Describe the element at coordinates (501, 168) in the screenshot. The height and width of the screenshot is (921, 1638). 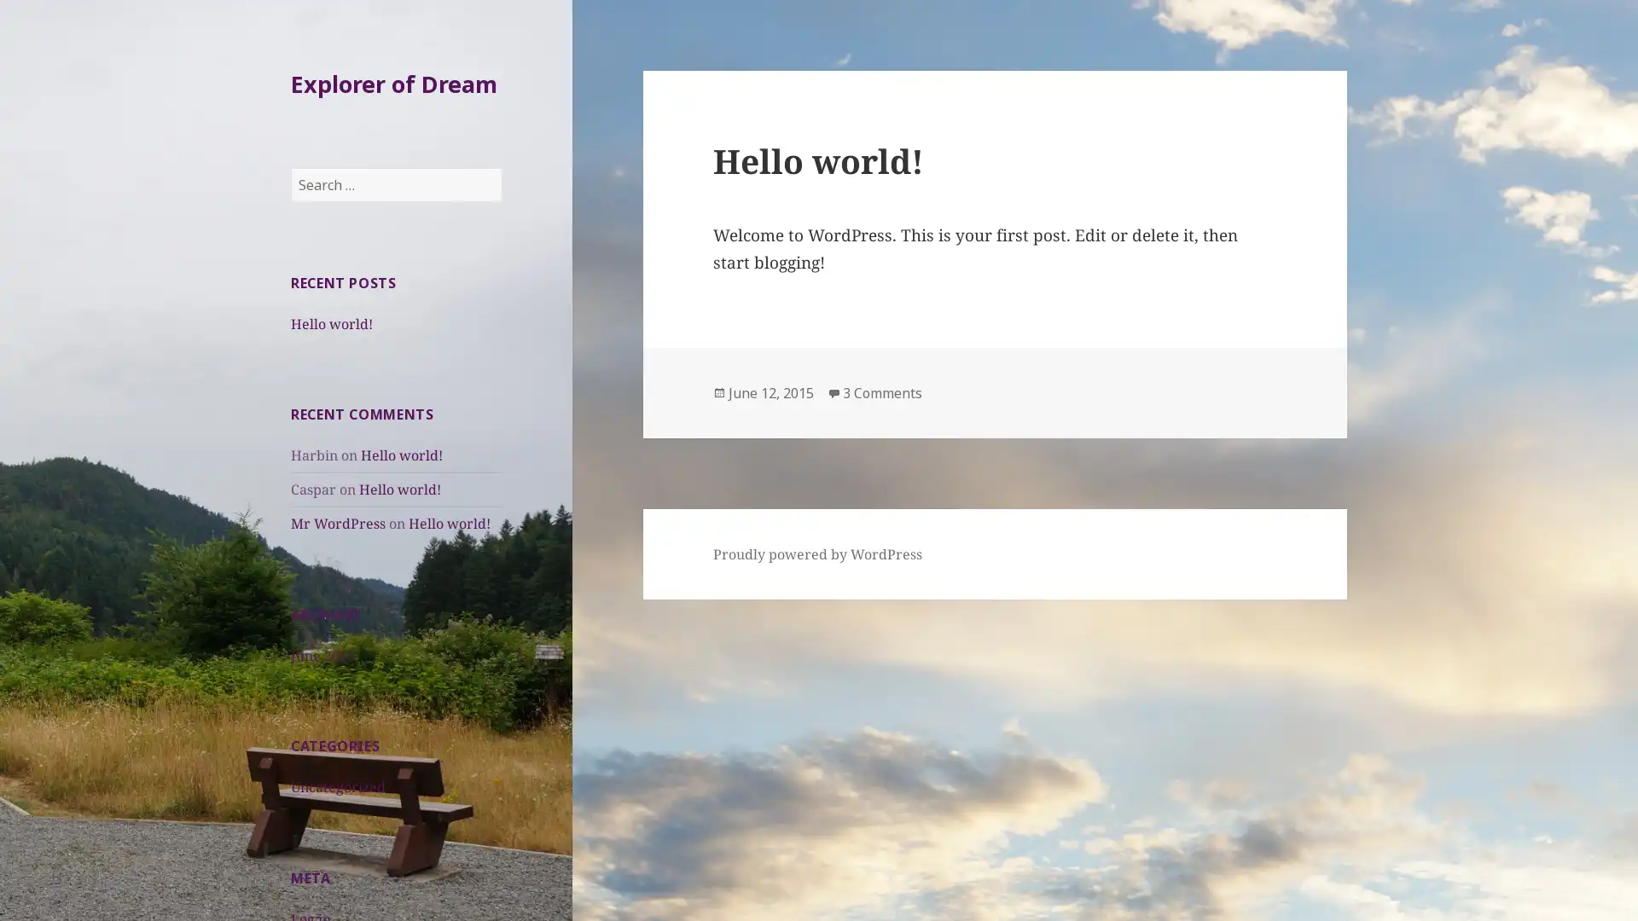
I see `Search` at that location.